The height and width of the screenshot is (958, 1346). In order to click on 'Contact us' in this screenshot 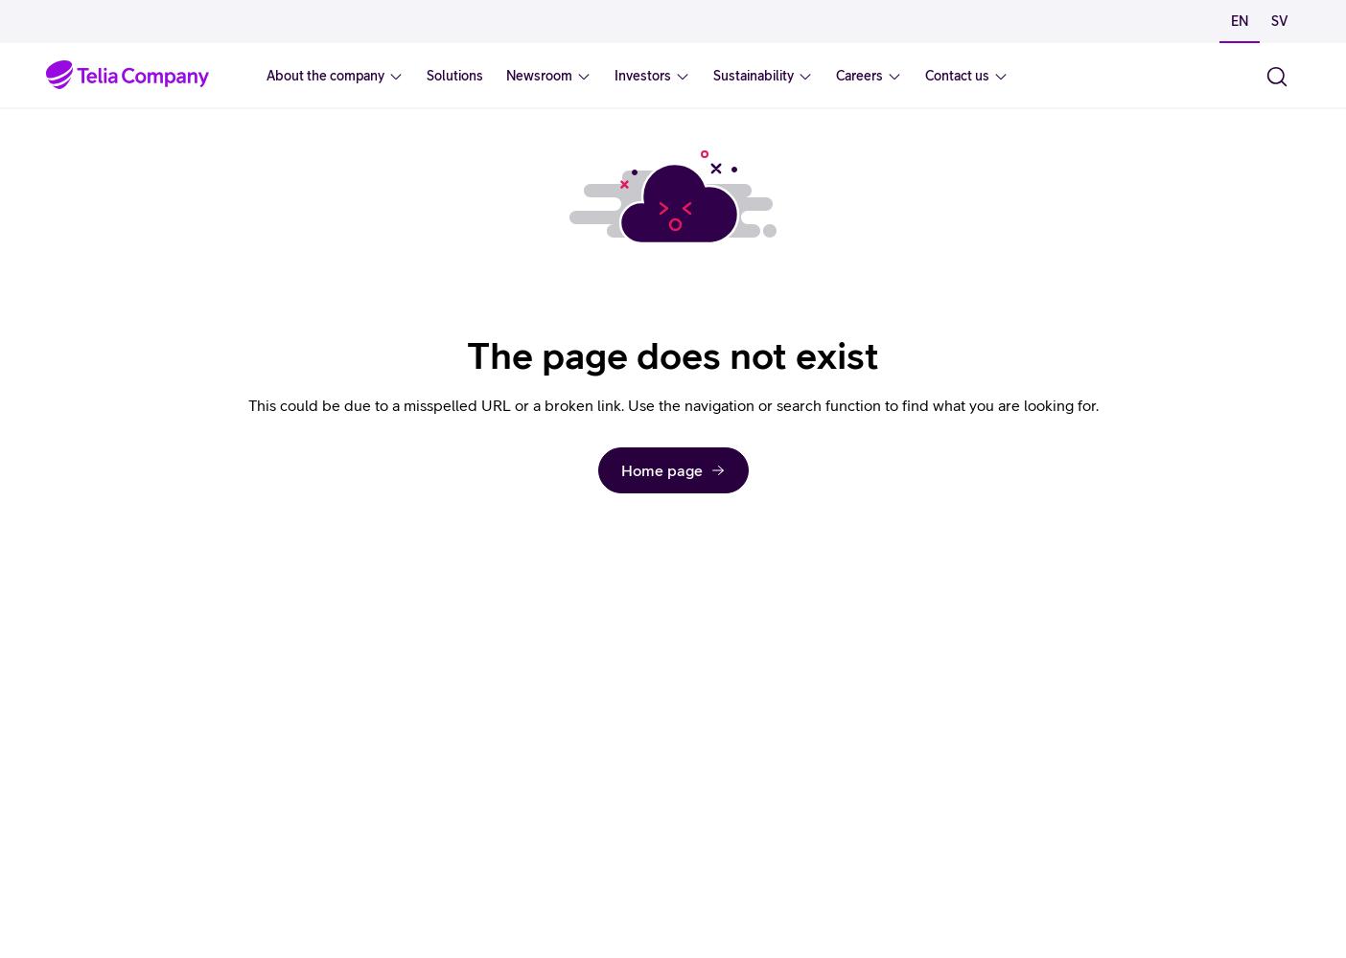, I will do `click(957, 75)`.